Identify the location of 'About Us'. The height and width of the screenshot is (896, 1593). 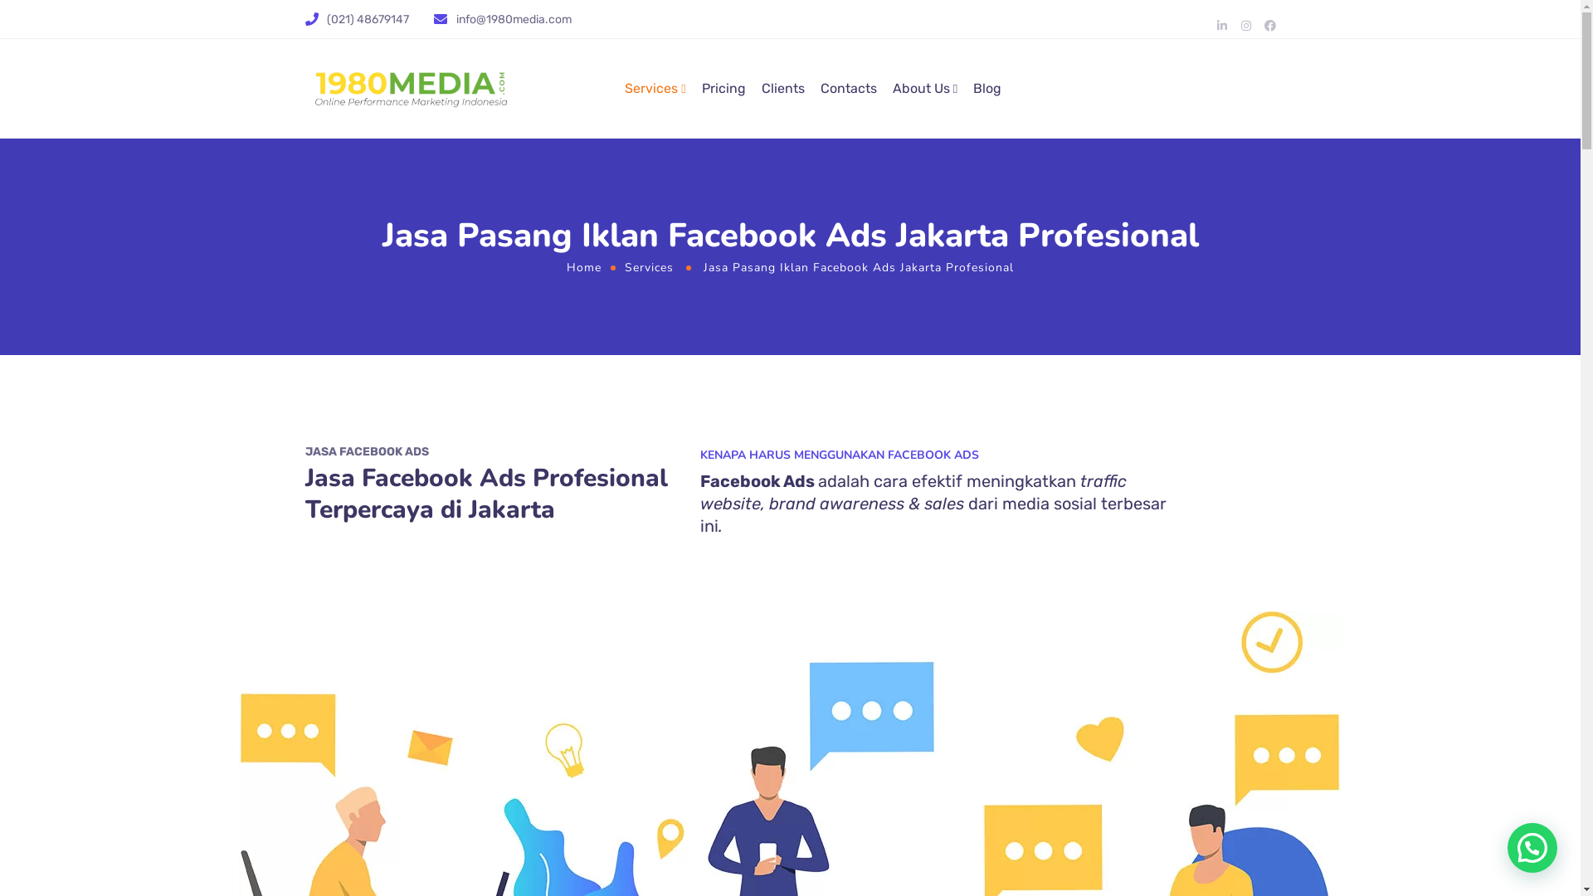
(891, 89).